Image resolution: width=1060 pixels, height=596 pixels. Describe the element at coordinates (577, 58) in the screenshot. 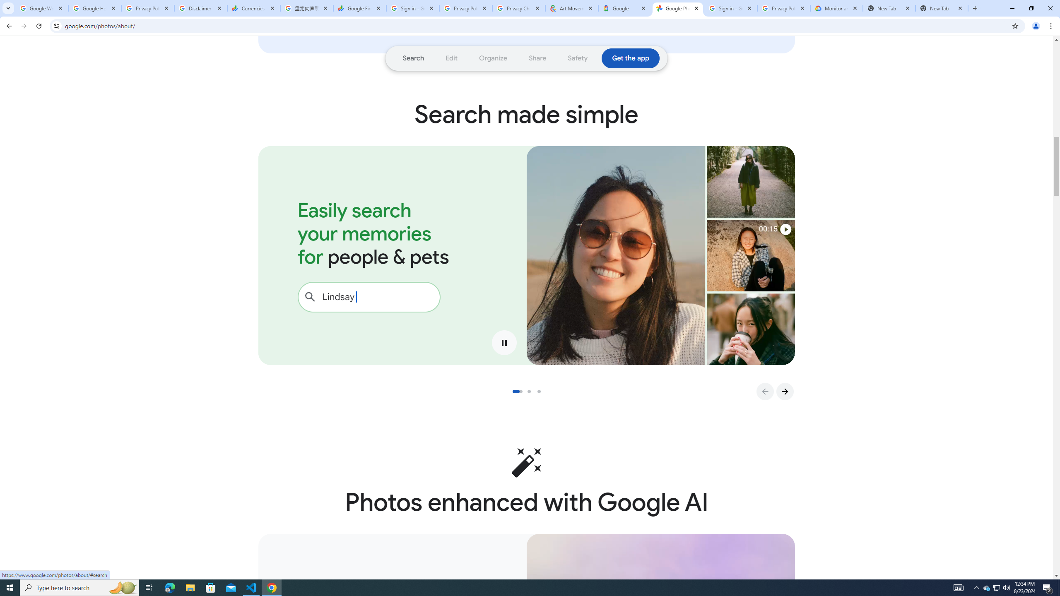

I see `'Go to section: Safety'` at that location.